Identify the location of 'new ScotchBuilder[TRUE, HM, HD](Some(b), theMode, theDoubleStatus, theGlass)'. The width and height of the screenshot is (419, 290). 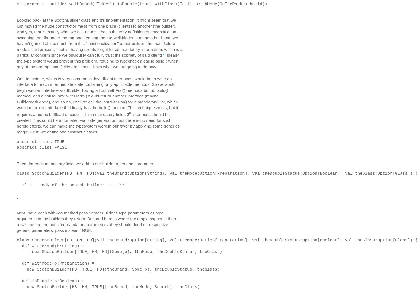
(119, 251).